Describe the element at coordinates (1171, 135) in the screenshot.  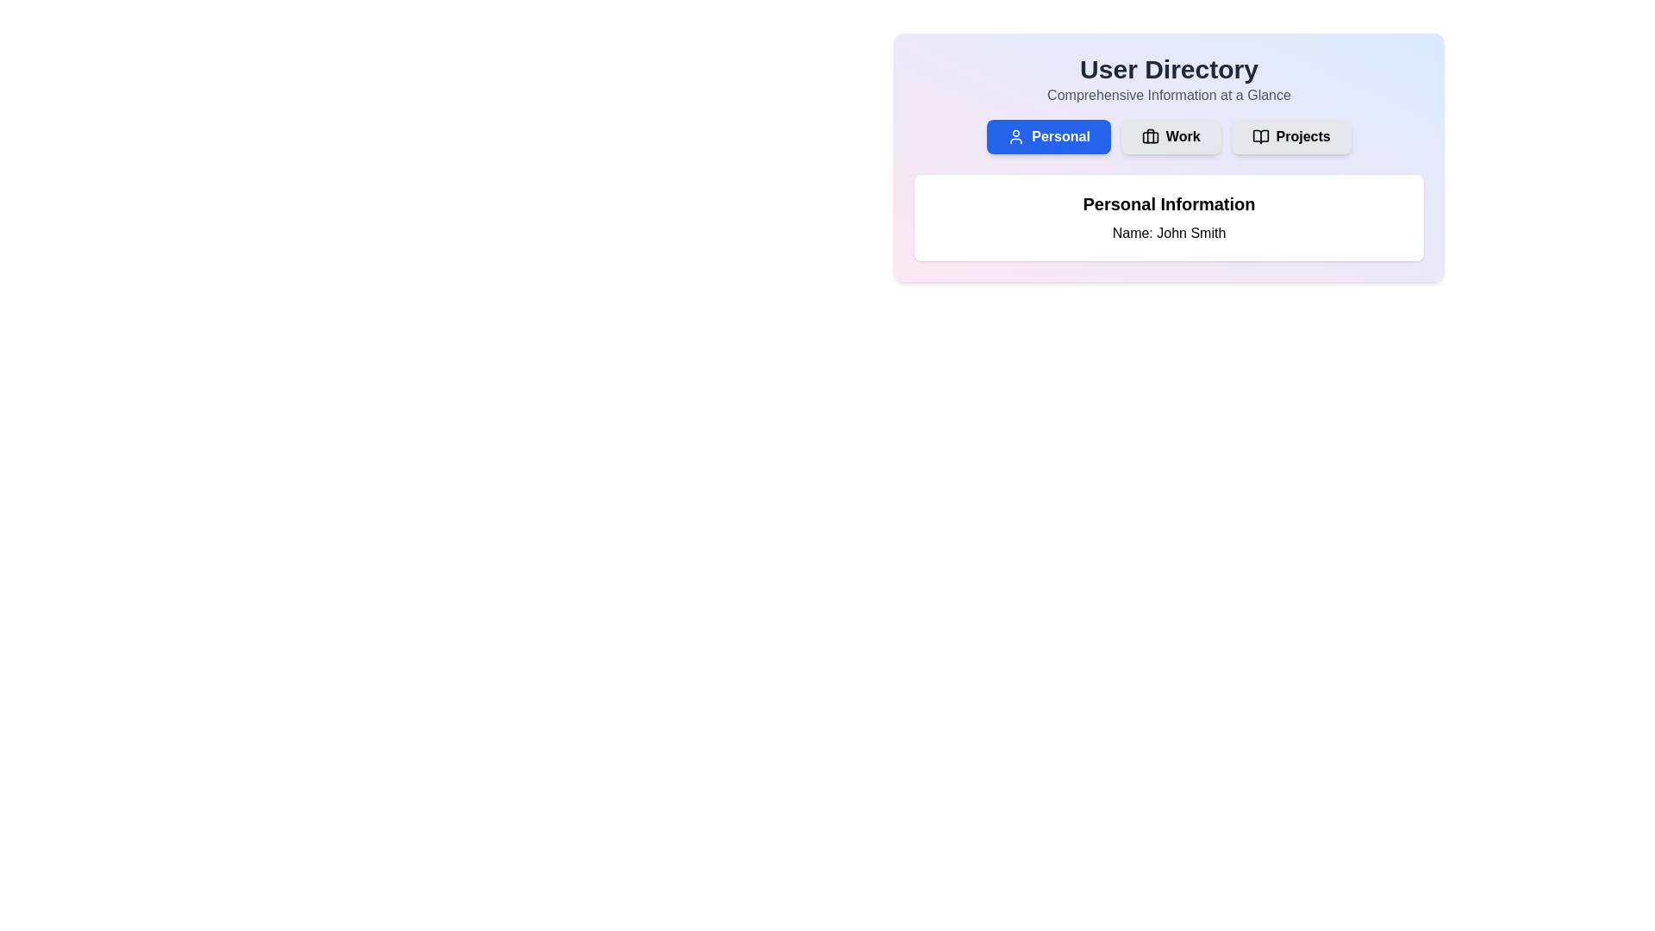
I see `the 'Work' button, which is a gray rectangular button with rounded corners, located in the middle of three buttons labeled 'Personal,' 'Work,' and 'Projects,'` at that location.